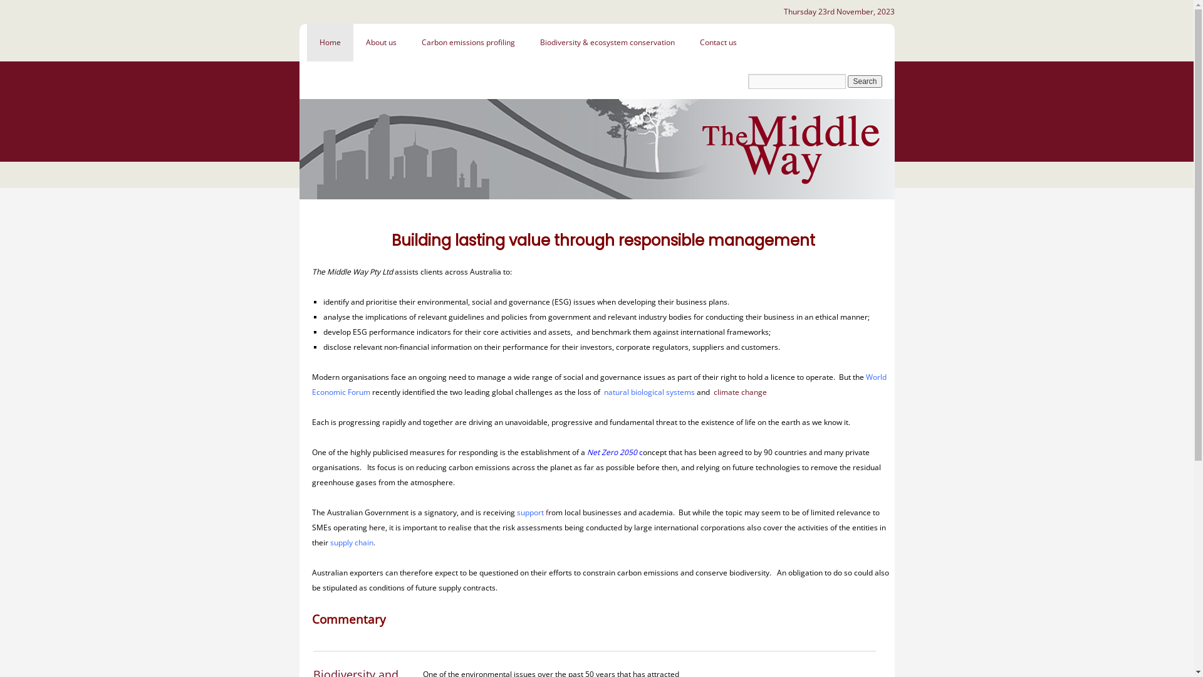 This screenshot has height=677, width=1203. Describe the element at coordinates (532, 512) in the screenshot. I see `'support f'` at that location.